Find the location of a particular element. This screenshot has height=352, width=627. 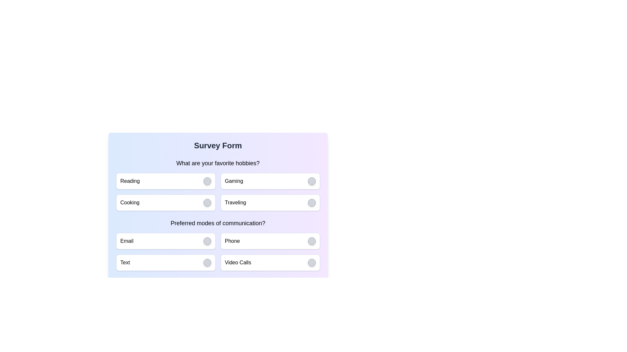

the 'Cooking' label in the survey indicating a choice under the 'What are your favorite hobbies?' section is located at coordinates (130, 202).